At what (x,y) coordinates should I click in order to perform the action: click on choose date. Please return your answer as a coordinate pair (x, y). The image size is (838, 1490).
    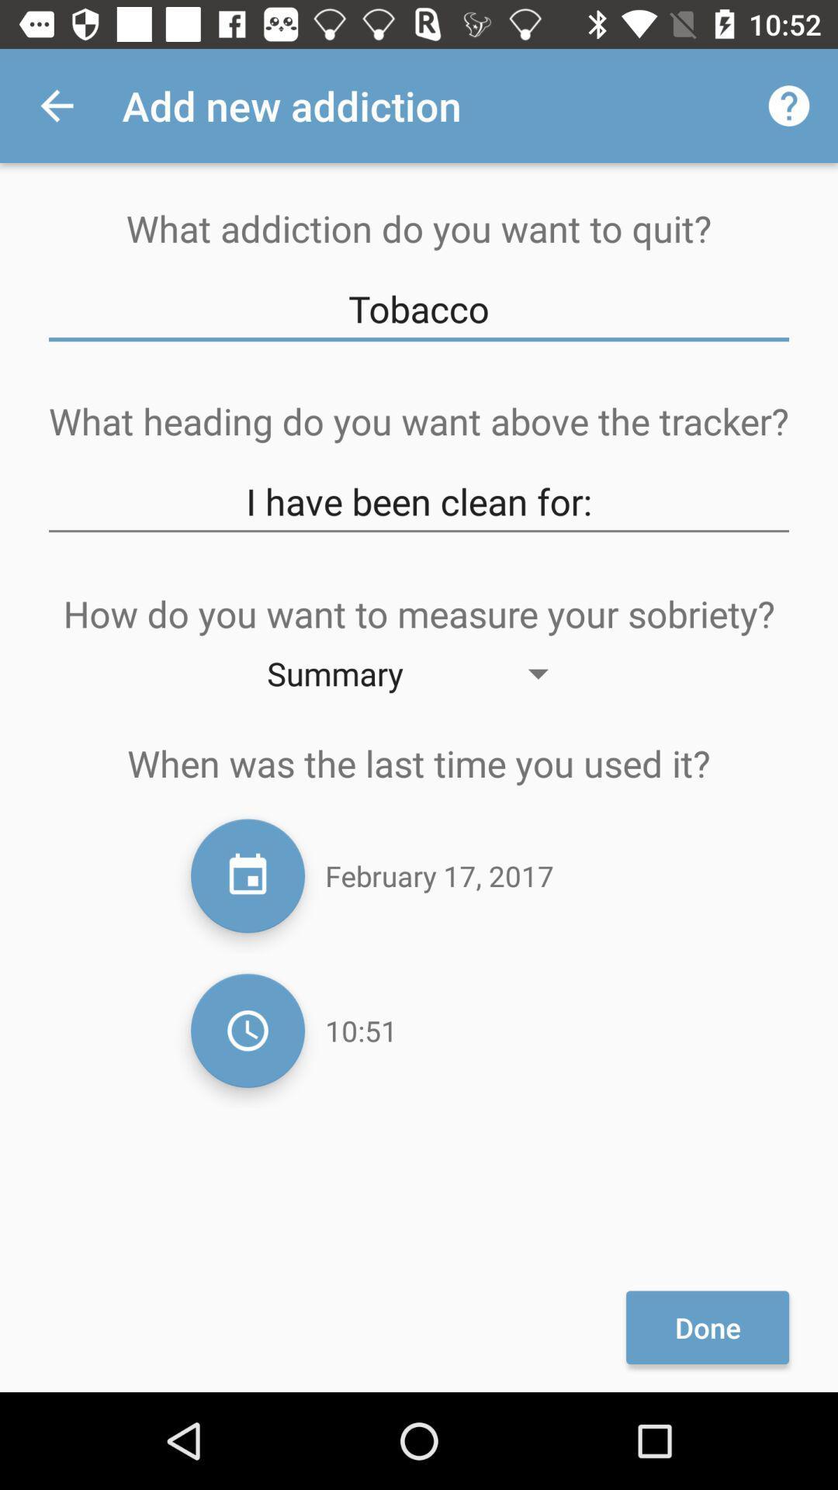
    Looking at the image, I should click on (247, 875).